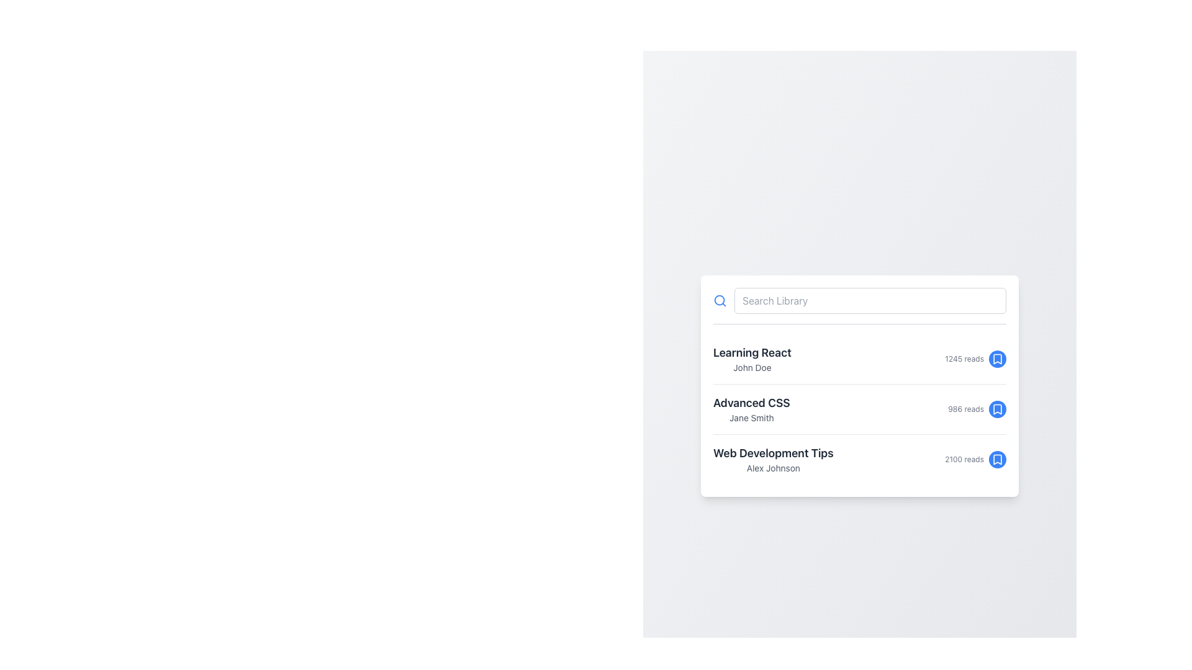 The width and height of the screenshot is (1192, 670). I want to click on the bookmark button located to the right of the text '2100 reads' in the bottom-right of the 'Web Development Tips' section, so click(998, 459).